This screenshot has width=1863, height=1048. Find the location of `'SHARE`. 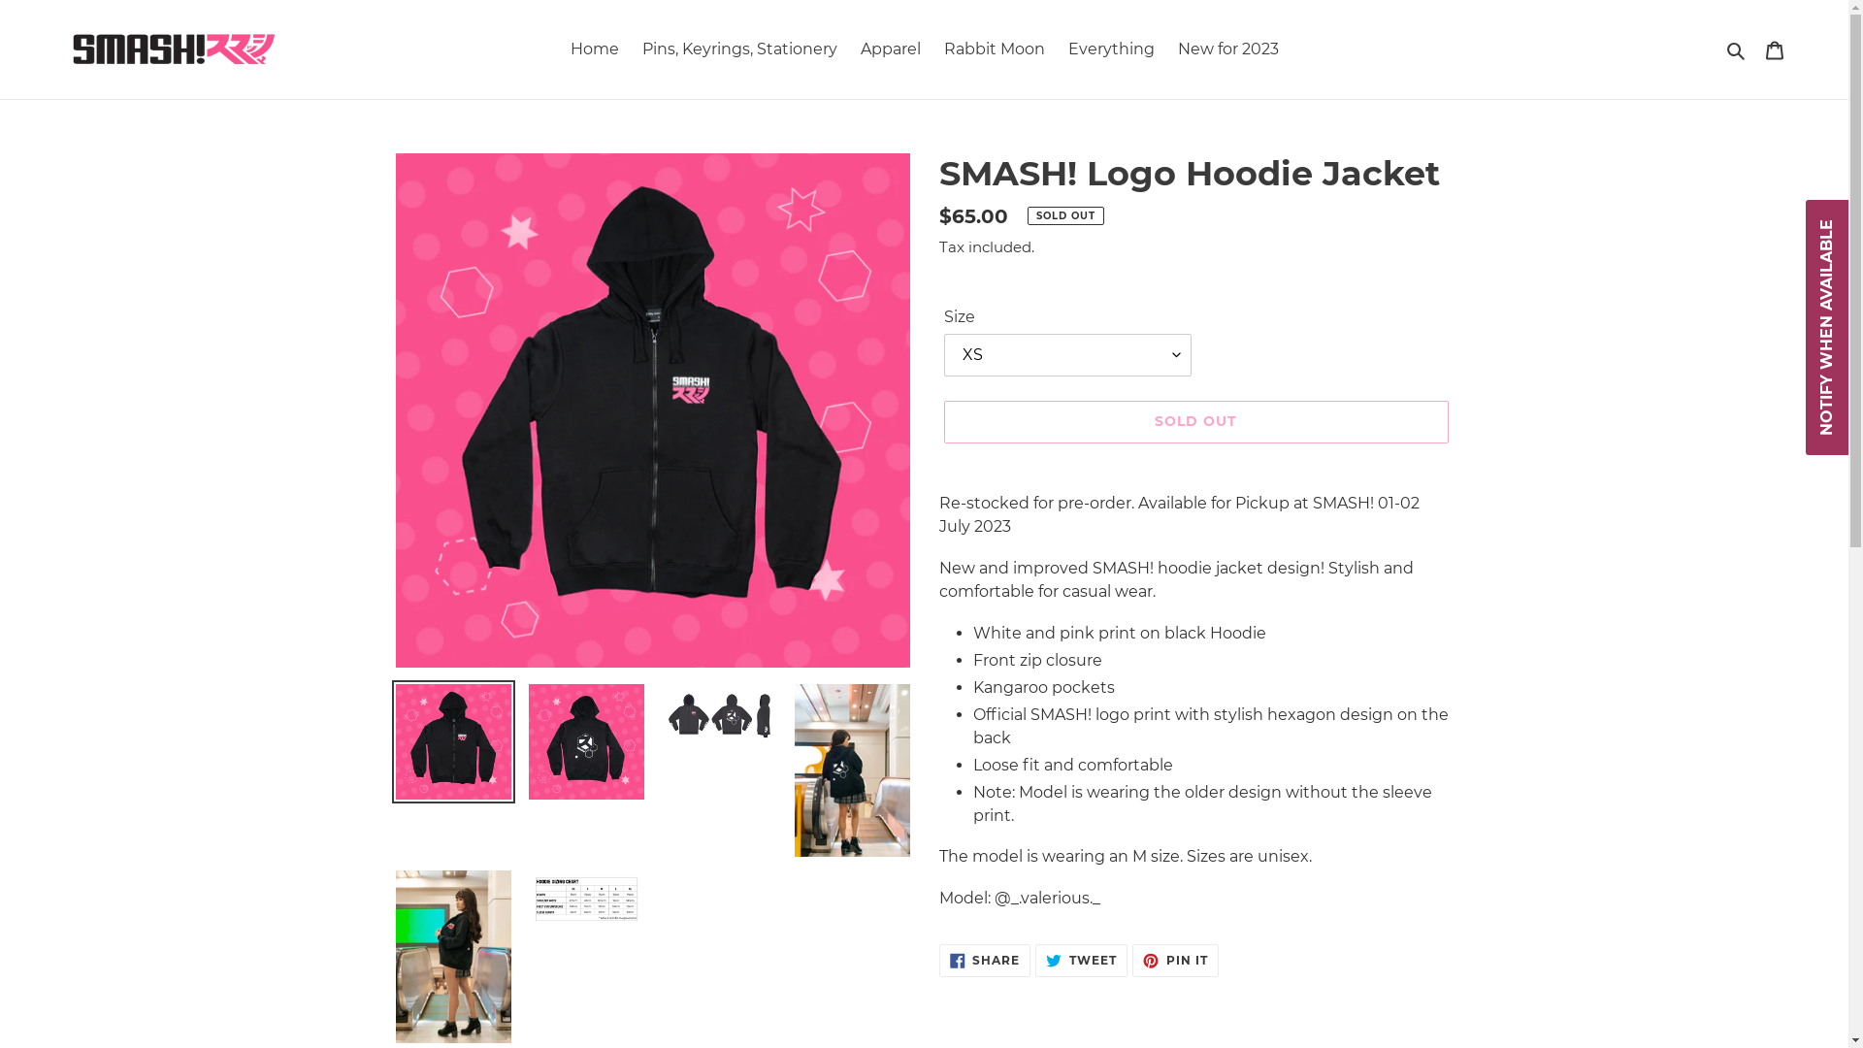

'SHARE is located at coordinates (985, 961).